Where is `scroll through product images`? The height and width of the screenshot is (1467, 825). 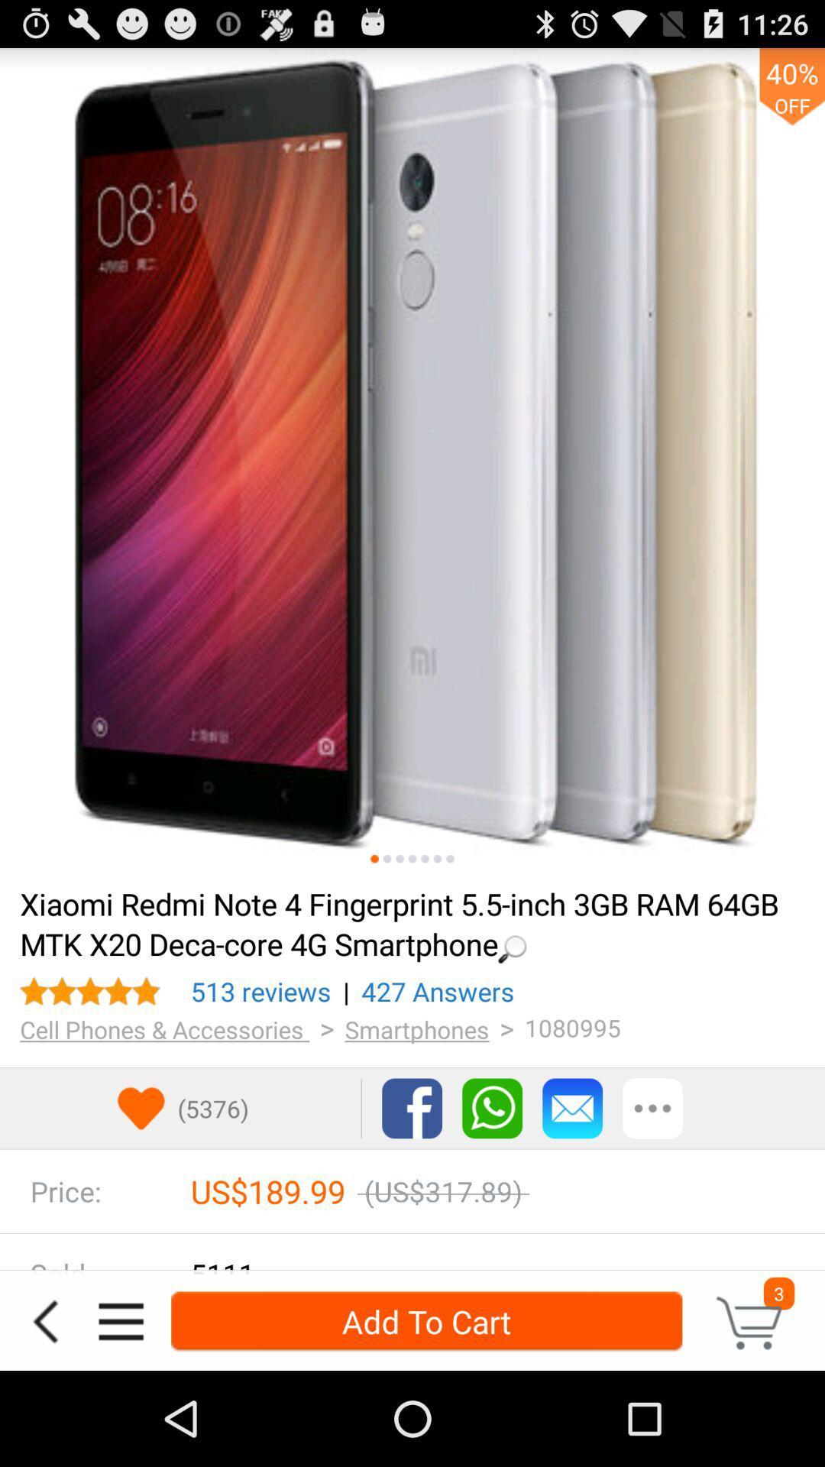 scroll through product images is located at coordinates (412, 460).